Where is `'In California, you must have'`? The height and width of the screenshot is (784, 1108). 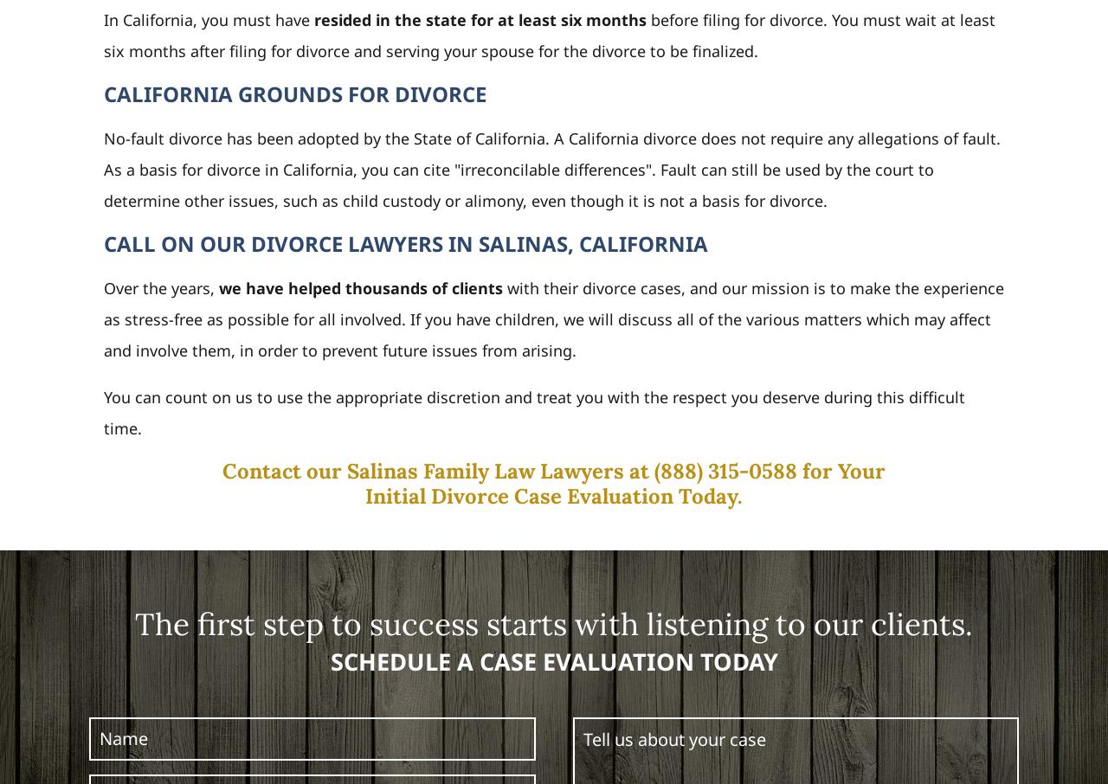 'In California, you must have' is located at coordinates (208, 19).